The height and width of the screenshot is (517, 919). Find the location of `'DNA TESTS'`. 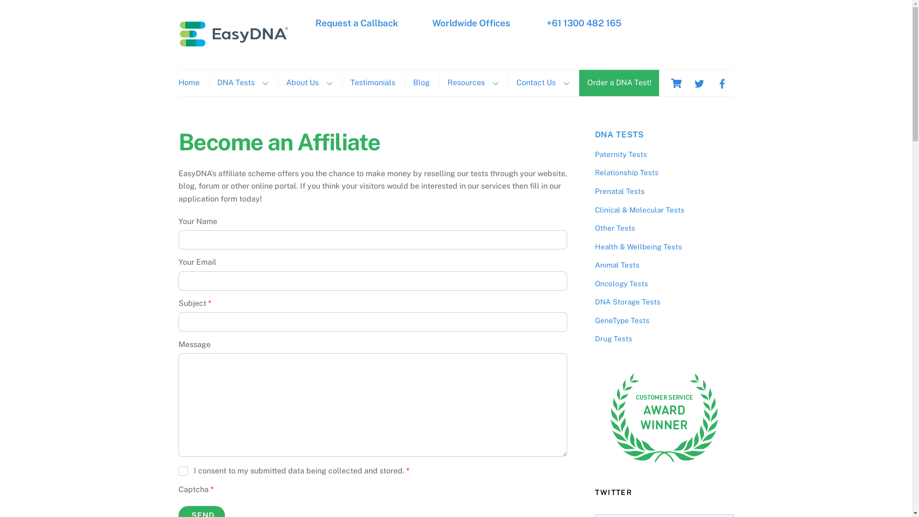

'DNA TESTS' is located at coordinates (619, 135).